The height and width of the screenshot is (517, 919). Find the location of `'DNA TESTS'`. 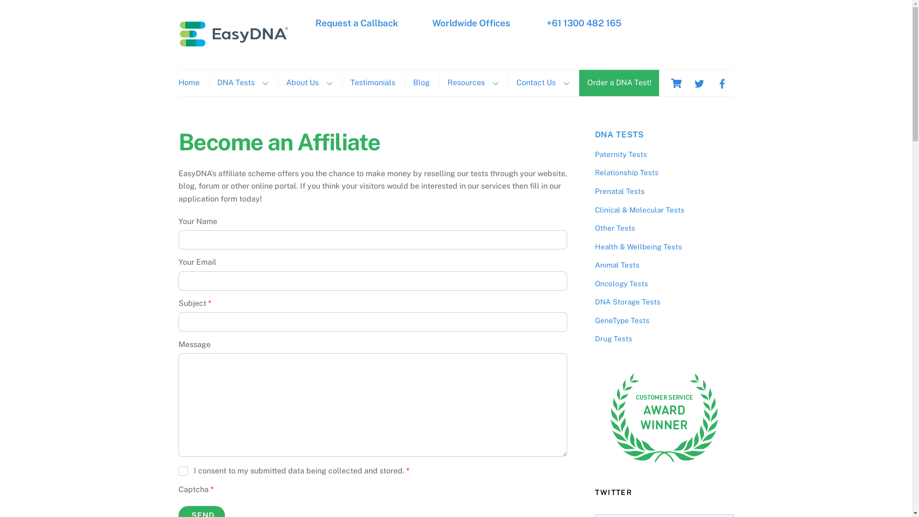

'DNA TESTS' is located at coordinates (619, 135).